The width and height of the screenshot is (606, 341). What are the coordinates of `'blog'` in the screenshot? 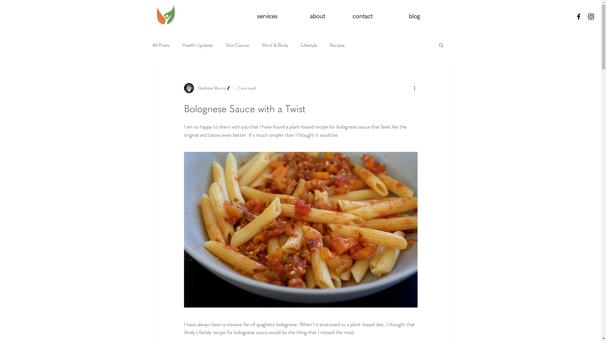 It's located at (400, 15).